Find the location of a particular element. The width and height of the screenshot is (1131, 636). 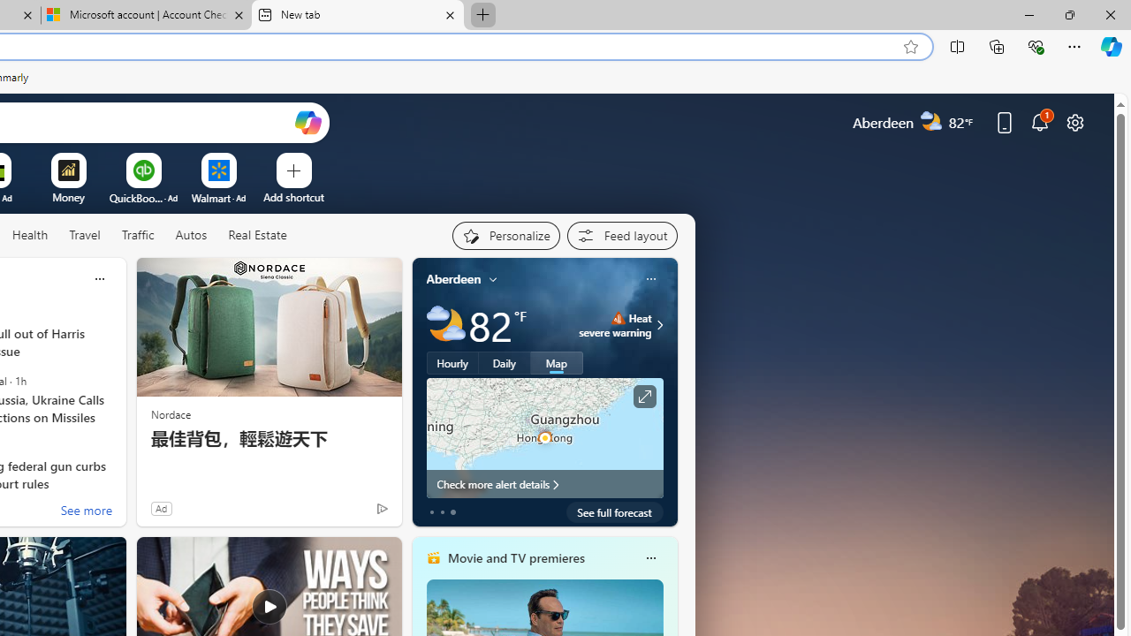

'Travel' is located at coordinates (84, 235).